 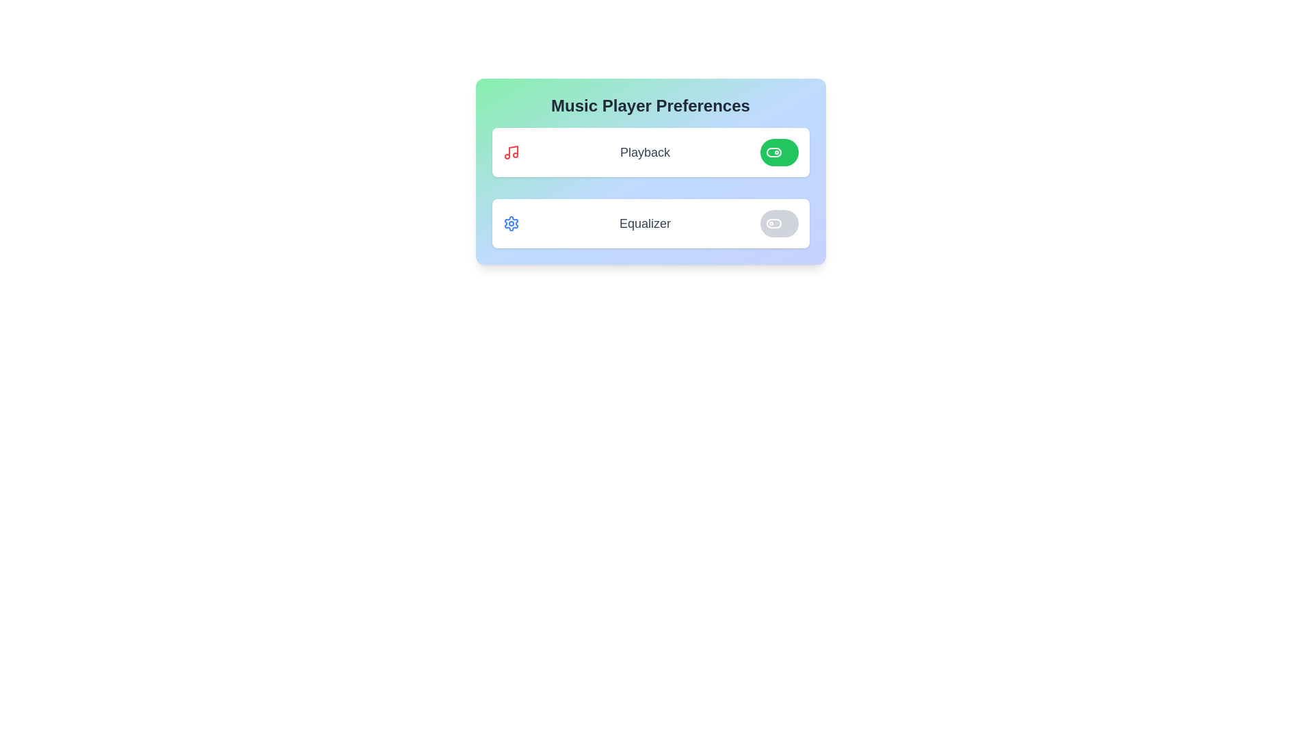 What do you see at coordinates (773, 153) in the screenshot?
I see `the toggle switch icon in the 'Music Player Preferences' panel to change its state` at bounding box center [773, 153].